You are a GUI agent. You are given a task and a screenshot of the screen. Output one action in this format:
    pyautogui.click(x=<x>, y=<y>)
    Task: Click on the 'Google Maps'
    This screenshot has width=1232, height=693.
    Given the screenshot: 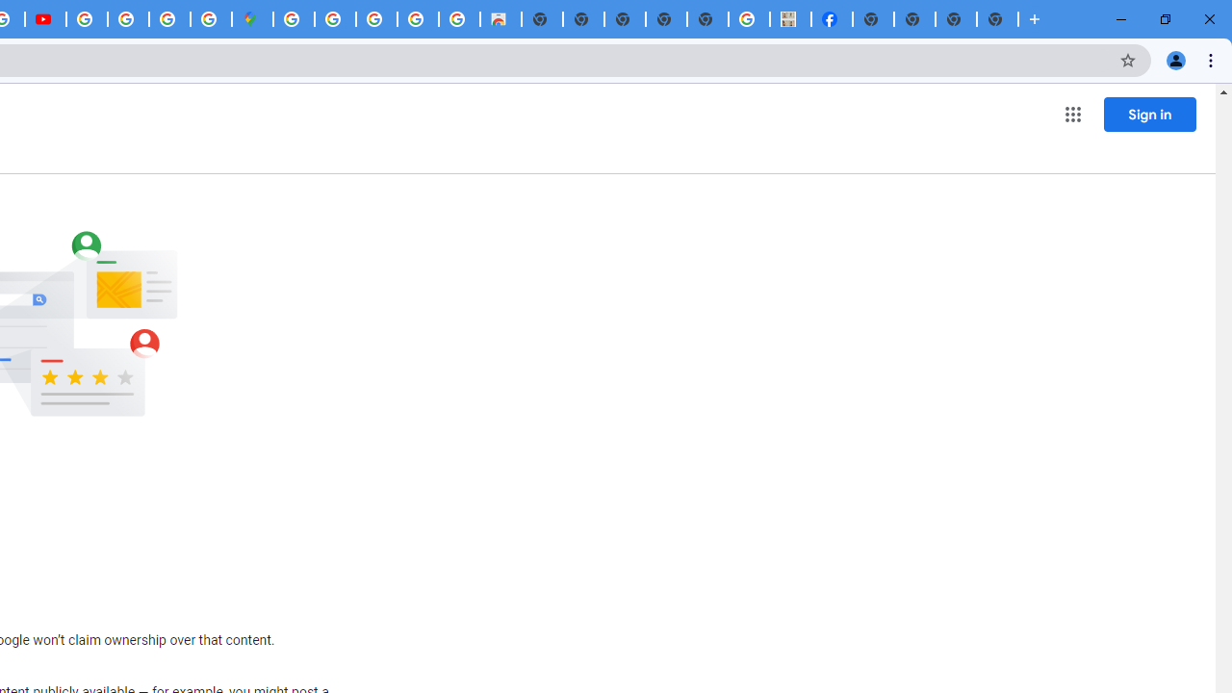 What is the action you would take?
    pyautogui.click(x=251, y=19)
    